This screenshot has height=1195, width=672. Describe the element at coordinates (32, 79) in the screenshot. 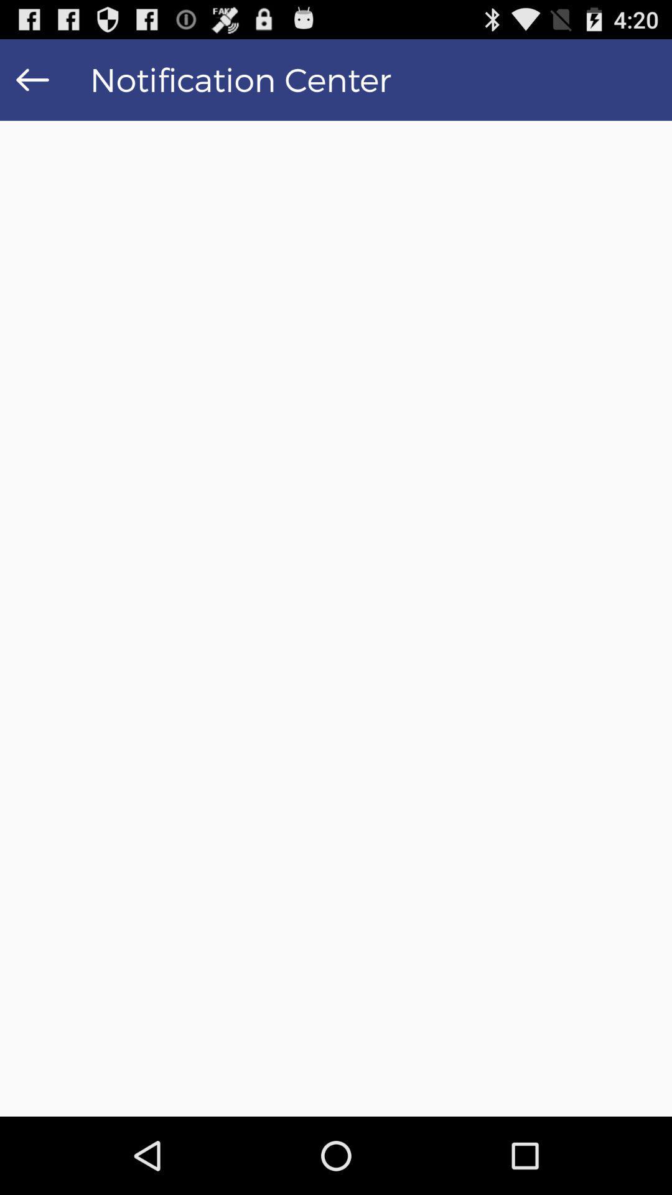

I see `go do back` at that location.